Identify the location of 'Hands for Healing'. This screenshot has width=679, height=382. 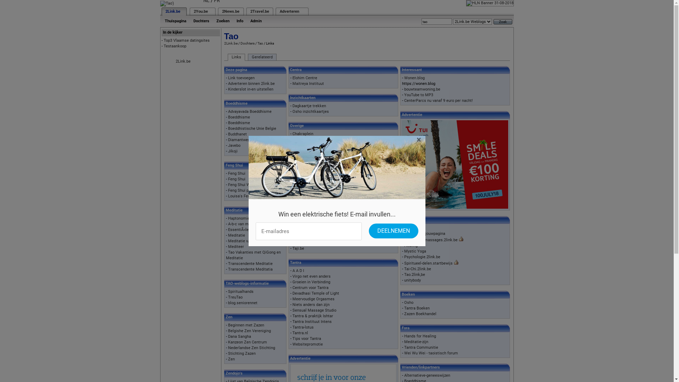
(419, 336).